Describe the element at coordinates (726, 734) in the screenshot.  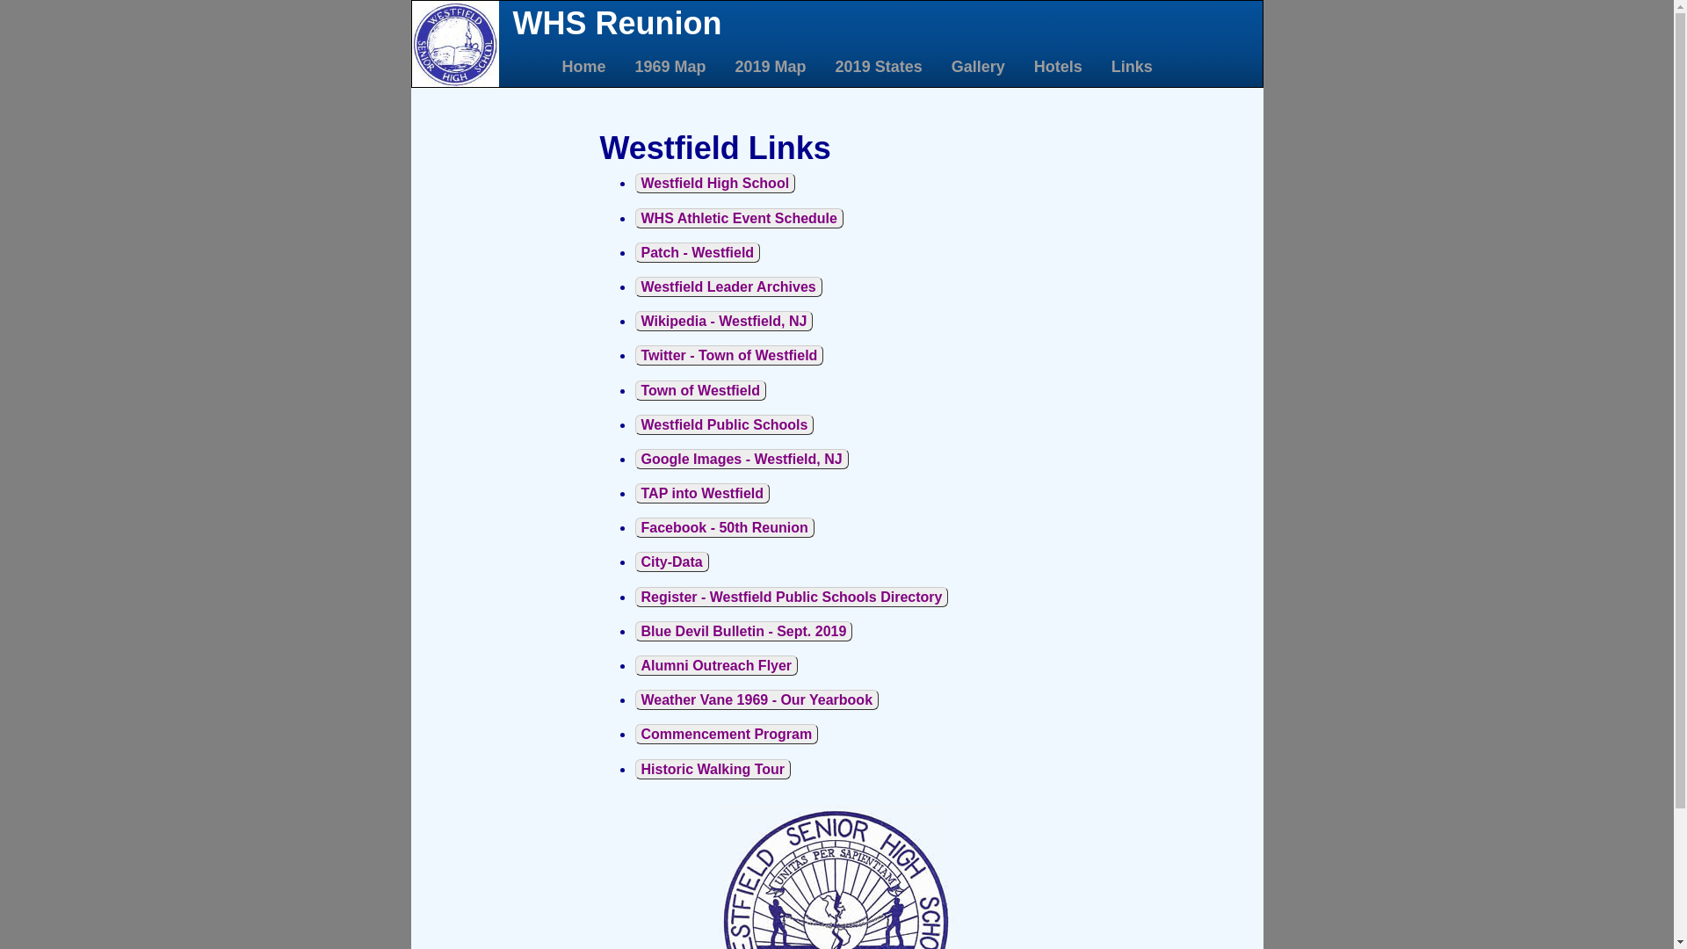
I see `'Commencement Program'` at that location.